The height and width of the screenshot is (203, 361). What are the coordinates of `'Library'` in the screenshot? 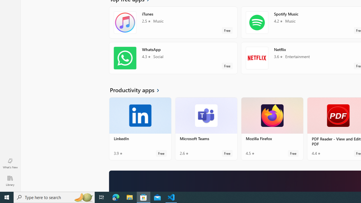 It's located at (10, 180).